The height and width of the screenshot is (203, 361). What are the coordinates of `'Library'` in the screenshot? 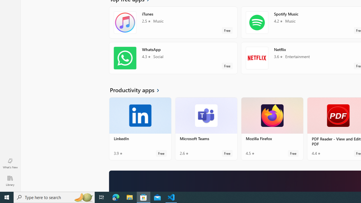 It's located at (10, 180).